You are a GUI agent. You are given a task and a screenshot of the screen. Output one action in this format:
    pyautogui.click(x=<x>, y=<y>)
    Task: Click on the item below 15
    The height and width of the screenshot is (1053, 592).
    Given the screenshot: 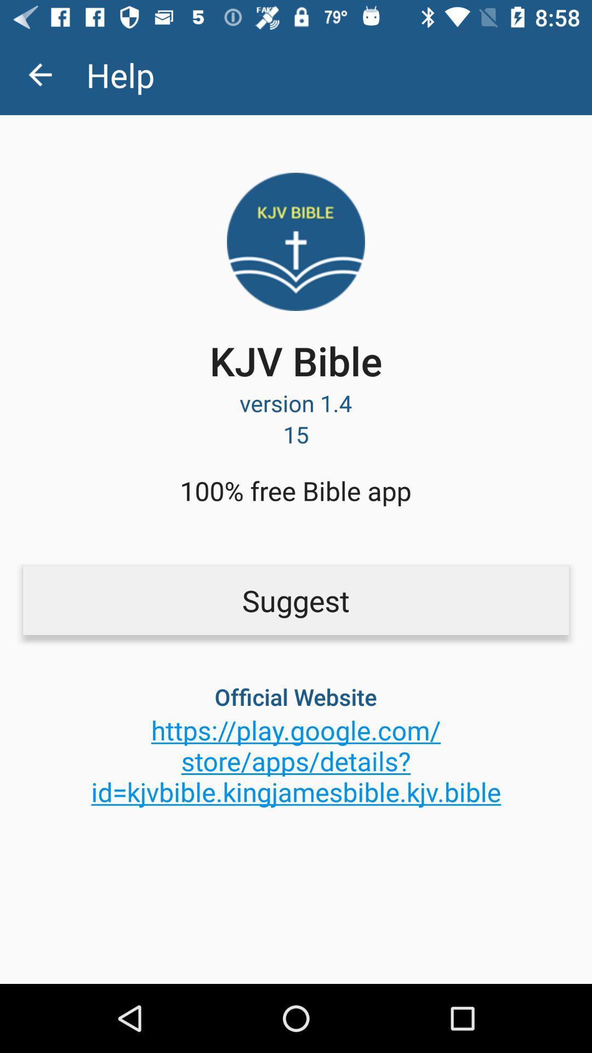 What is the action you would take?
    pyautogui.click(x=295, y=490)
    